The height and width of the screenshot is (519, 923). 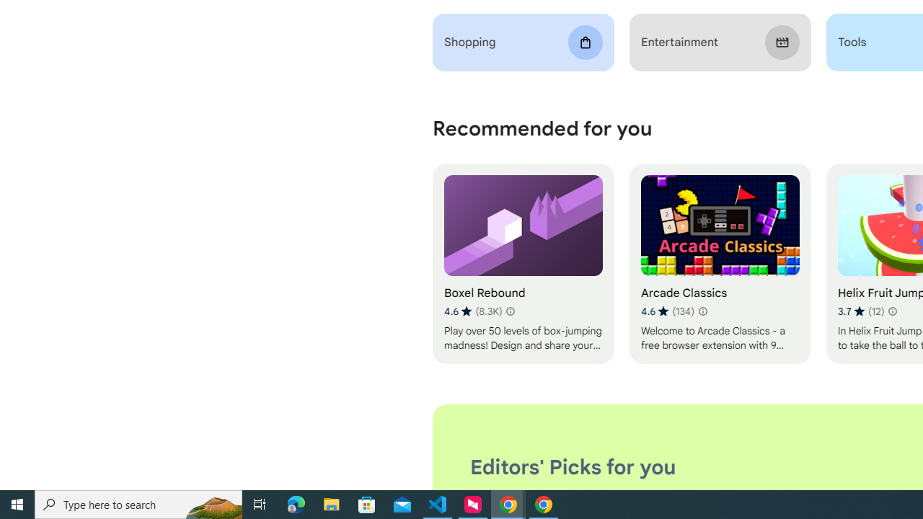 I want to click on 'Average rating 4.6 out of 5 stars. 8.3K ratings.', so click(x=473, y=311).